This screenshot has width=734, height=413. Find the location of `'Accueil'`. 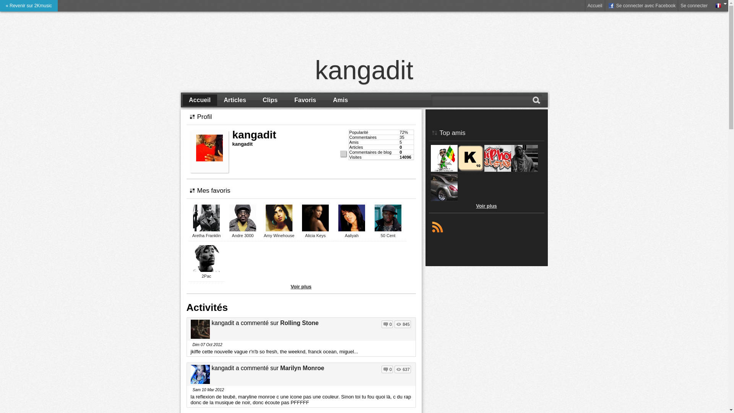

'Accueil' is located at coordinates (585, 6).